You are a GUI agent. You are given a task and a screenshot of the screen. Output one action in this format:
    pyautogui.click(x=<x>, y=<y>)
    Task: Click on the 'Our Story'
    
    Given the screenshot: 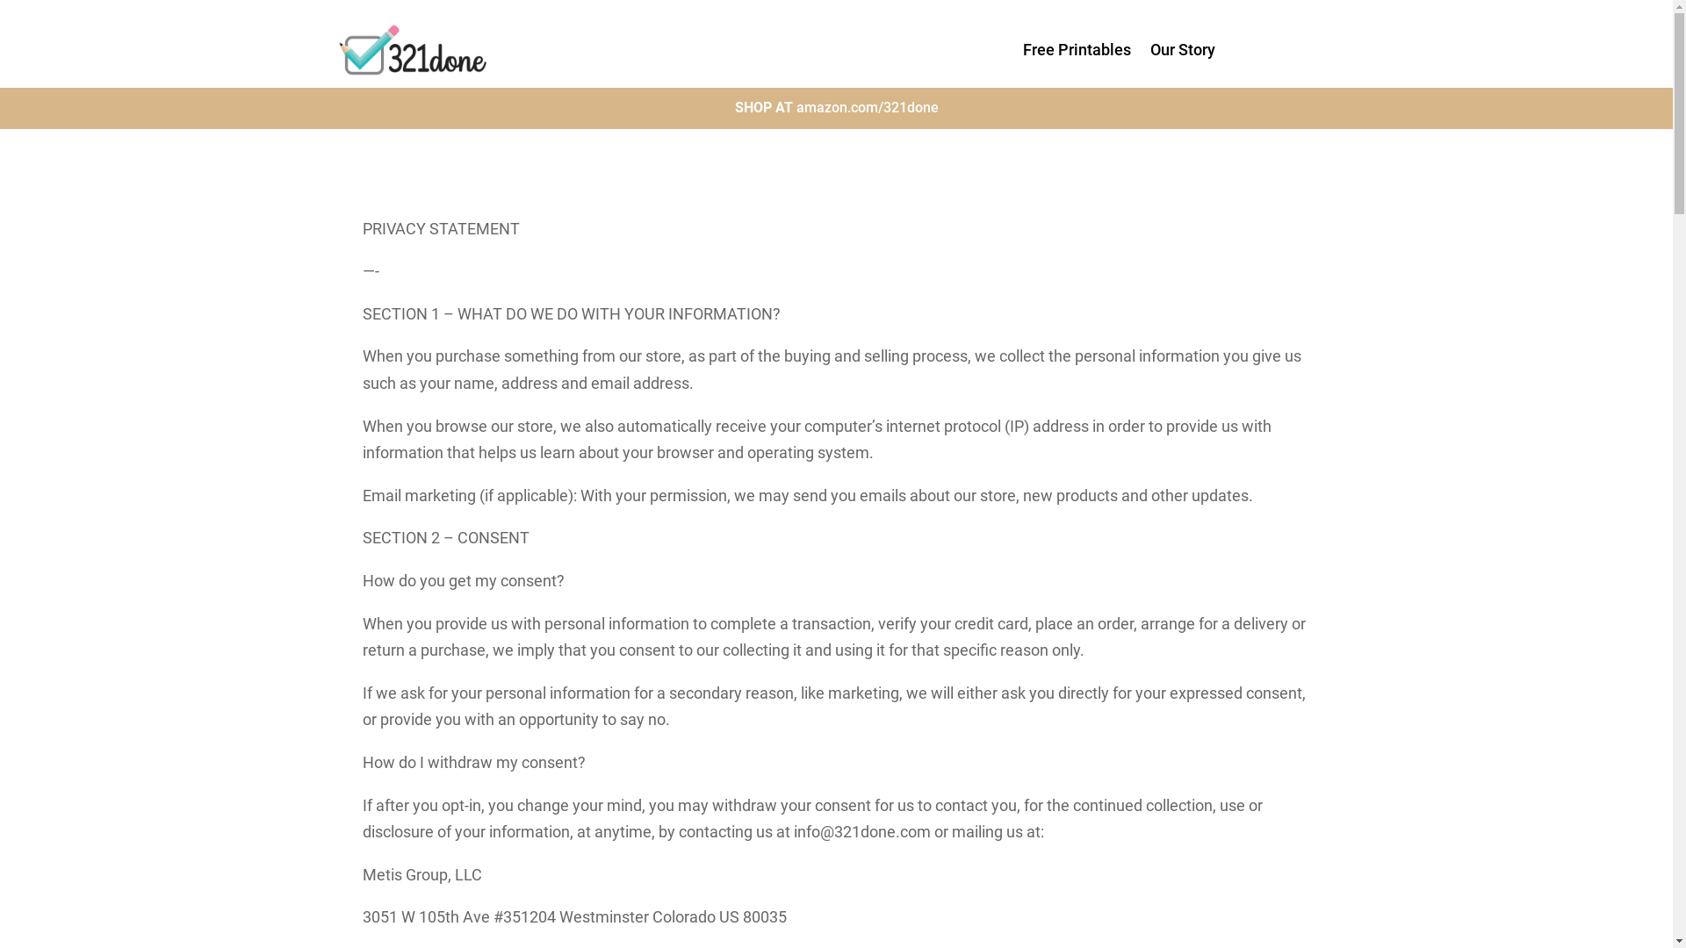 What is the action you would take?
    pyautogui.click(x=1150, y=53)
    